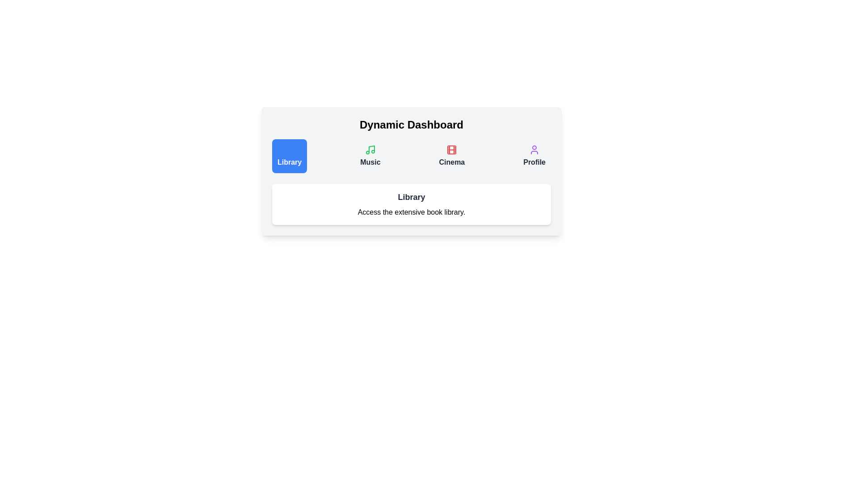 This screenshot has width=858, height=482. I want to click on the tab labeled Music to view its description, so click(370, 156).